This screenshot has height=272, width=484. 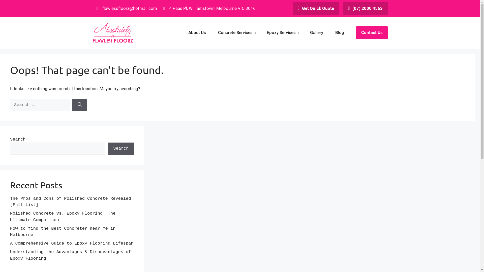 I want to click on 'flawlessfloorz@hotmail.com', so click(x=126, y=8).